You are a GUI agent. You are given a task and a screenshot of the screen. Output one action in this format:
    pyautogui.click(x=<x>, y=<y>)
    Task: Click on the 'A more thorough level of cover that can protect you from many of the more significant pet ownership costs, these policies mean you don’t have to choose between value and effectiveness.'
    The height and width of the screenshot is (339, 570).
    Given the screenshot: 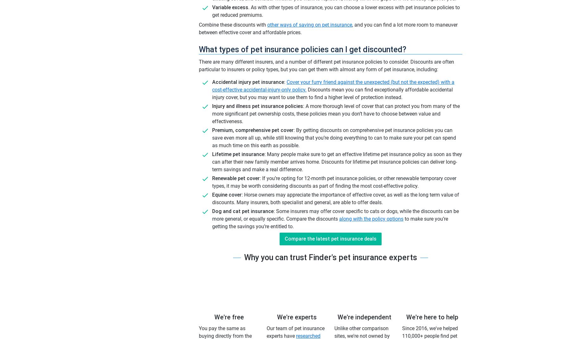 What is the action you would take?
    pyautogui.click(x=336, y=113)
    